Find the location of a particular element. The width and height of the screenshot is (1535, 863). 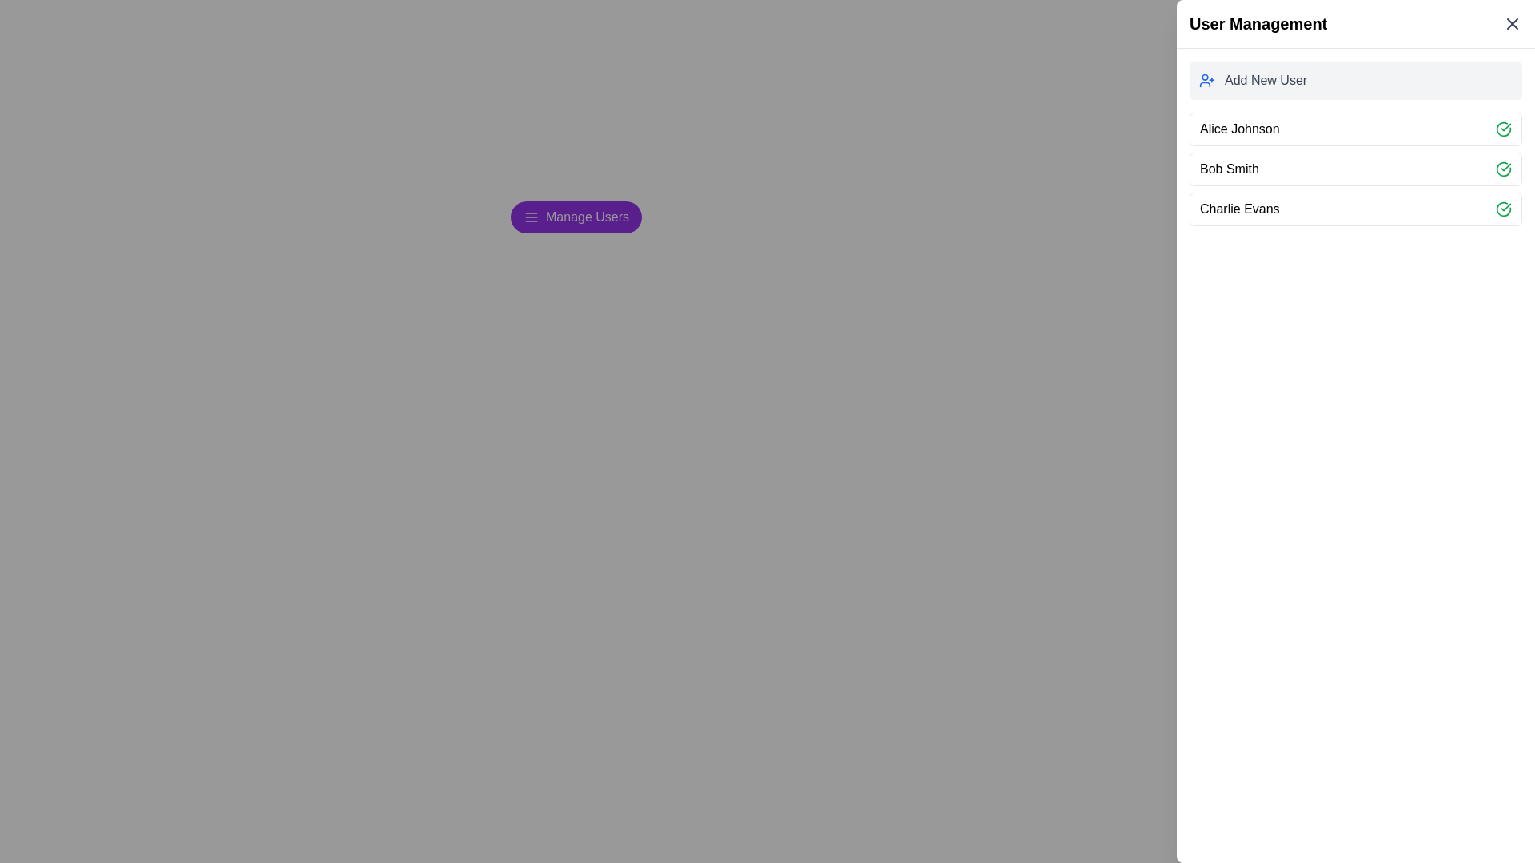

the first user entry in the 'User Management' list is located at coordinates (1354, 129).